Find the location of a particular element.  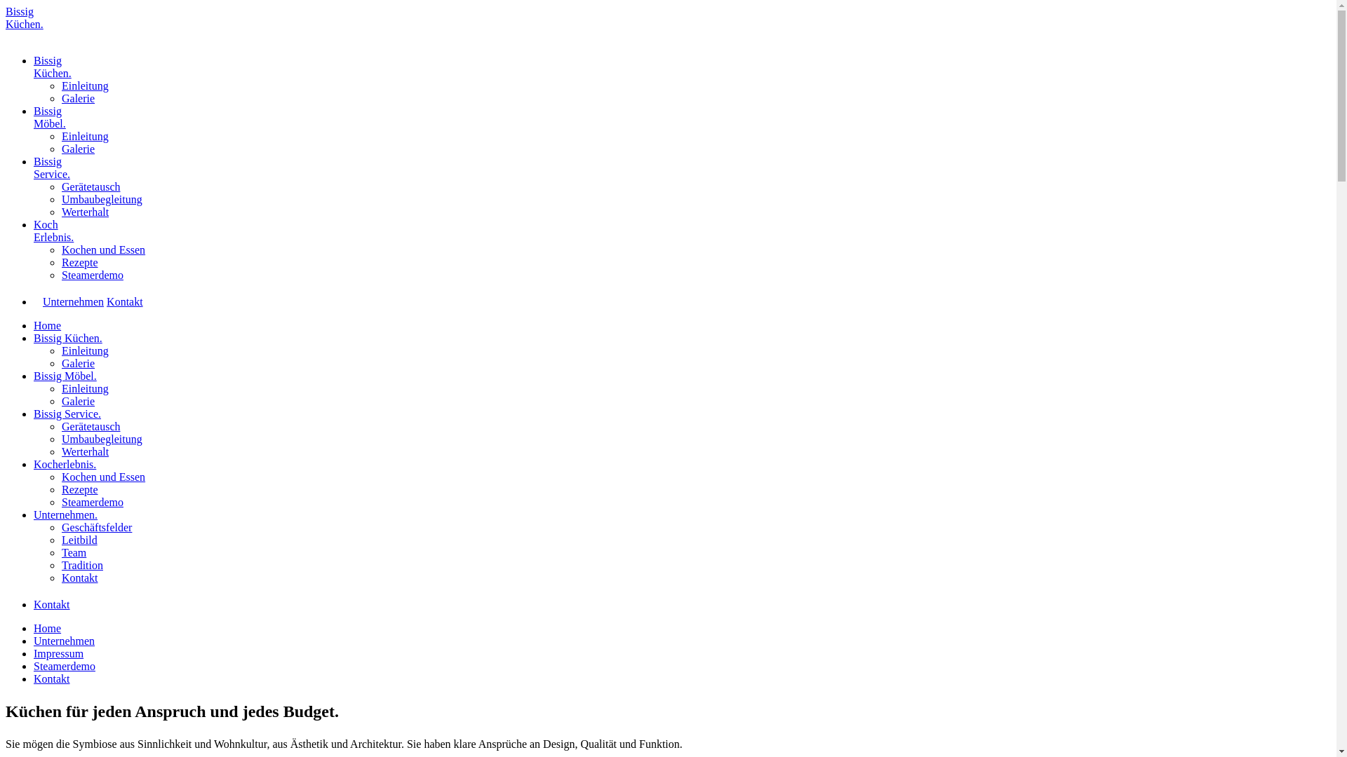

'Koch is located at coordinates (53, 230).